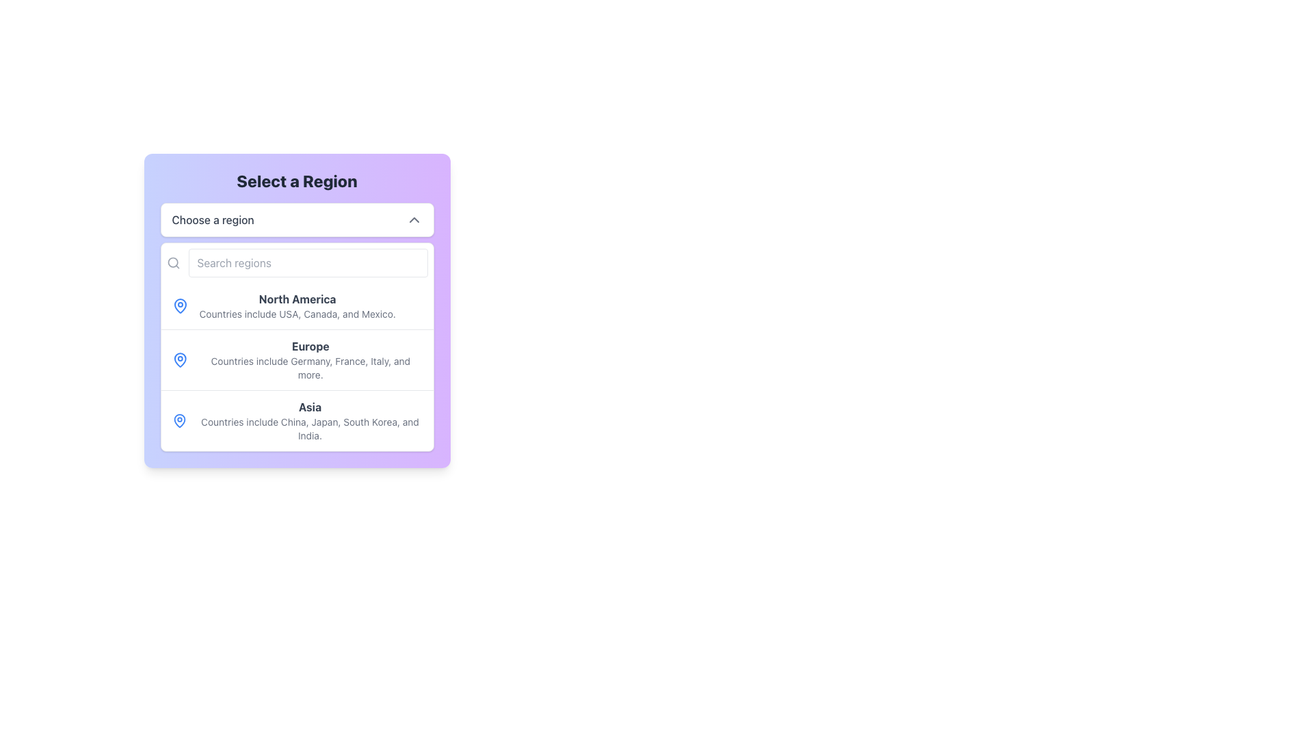 This screenshot has width=1313, height=738. Describe the element at coordinates (212, 219) in the screenshot. I see `text content of the leftmost label within the dropdown menu, which prompts the user to choose an option` at that location.